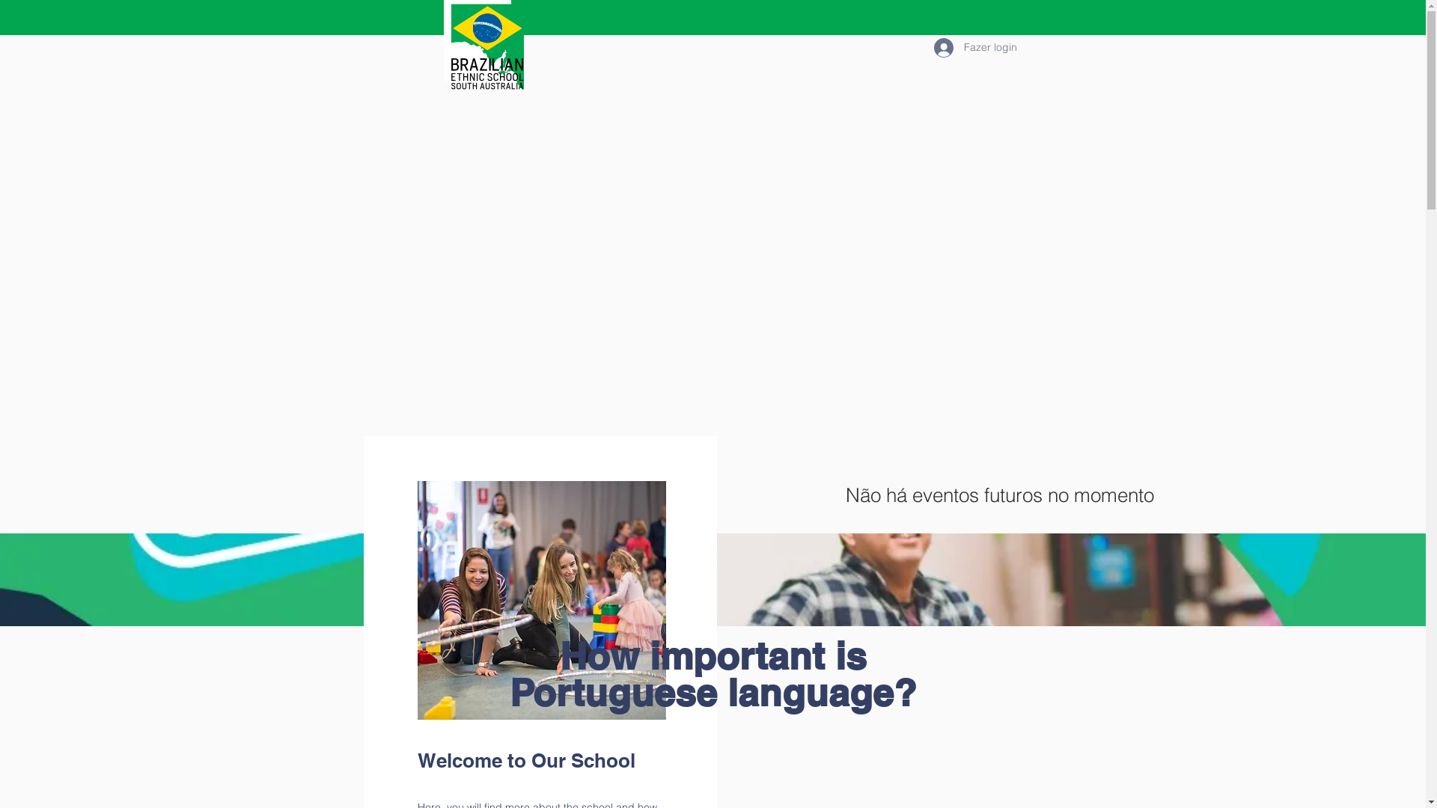 The height and width of the screenshot is (808, 1437). I want to click on 'Fazer login', so click(968, 46).